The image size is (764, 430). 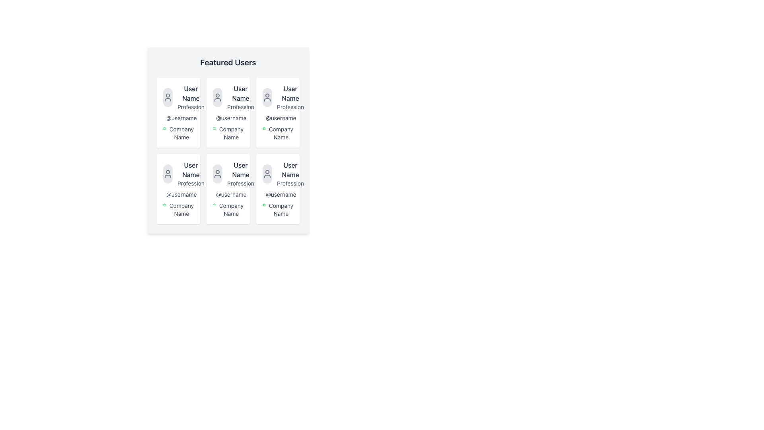 I want to click on the username identifier text label located at the bottom-middle section of the user profile card in the bottom-left of the grid, so click(x=181, y=195).